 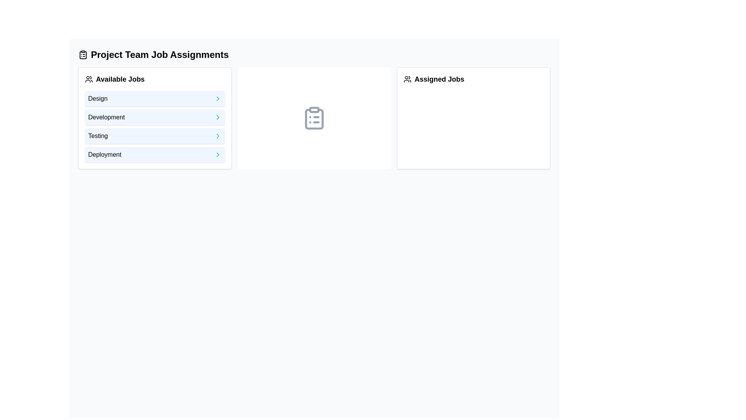 What do you see at coordinates (155, 98) in the screenshot?
I see `the 'Design' button in the 'Available Jobs' section` at bounding box center [155, 98].